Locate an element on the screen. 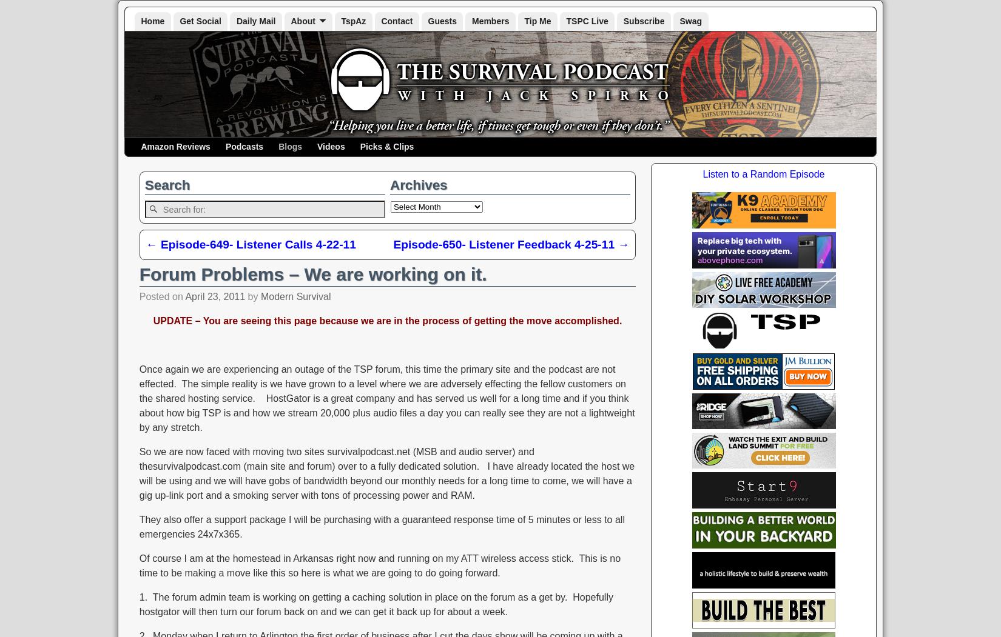 The height and width of the screenshot is (637, 1001). 'Subscribe' is located at coordinates (643, 21).